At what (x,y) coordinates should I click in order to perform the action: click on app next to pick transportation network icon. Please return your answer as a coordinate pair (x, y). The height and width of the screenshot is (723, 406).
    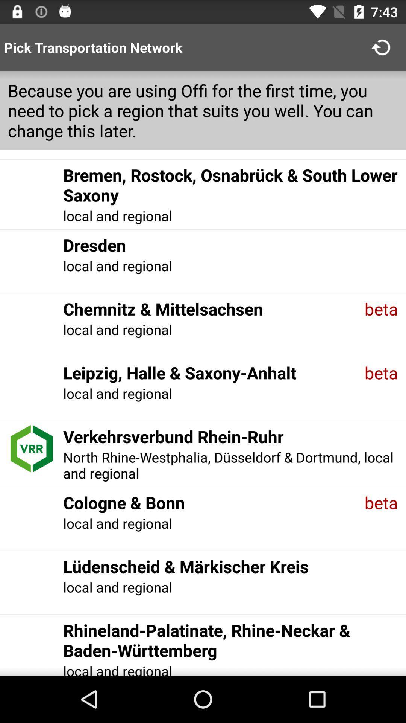
    Looking at the image, I should click on (382, 47).